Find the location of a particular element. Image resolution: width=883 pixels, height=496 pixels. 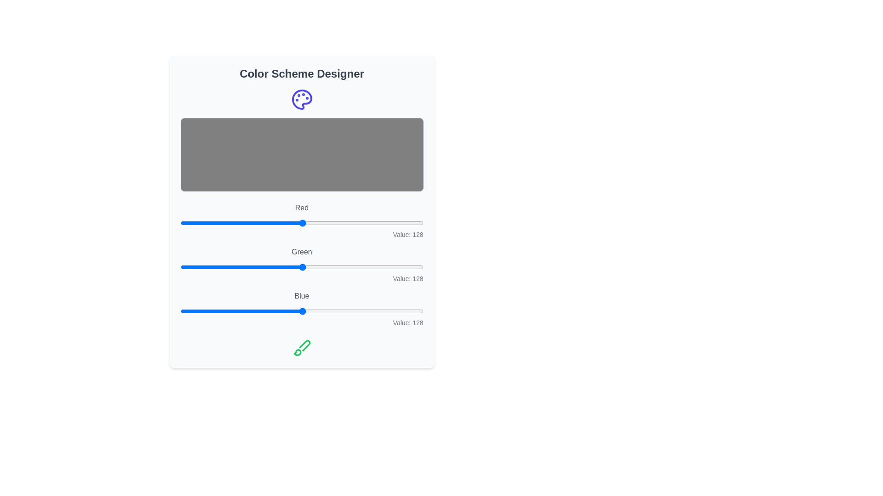

the blue color value is located at coordinates (230, 311).